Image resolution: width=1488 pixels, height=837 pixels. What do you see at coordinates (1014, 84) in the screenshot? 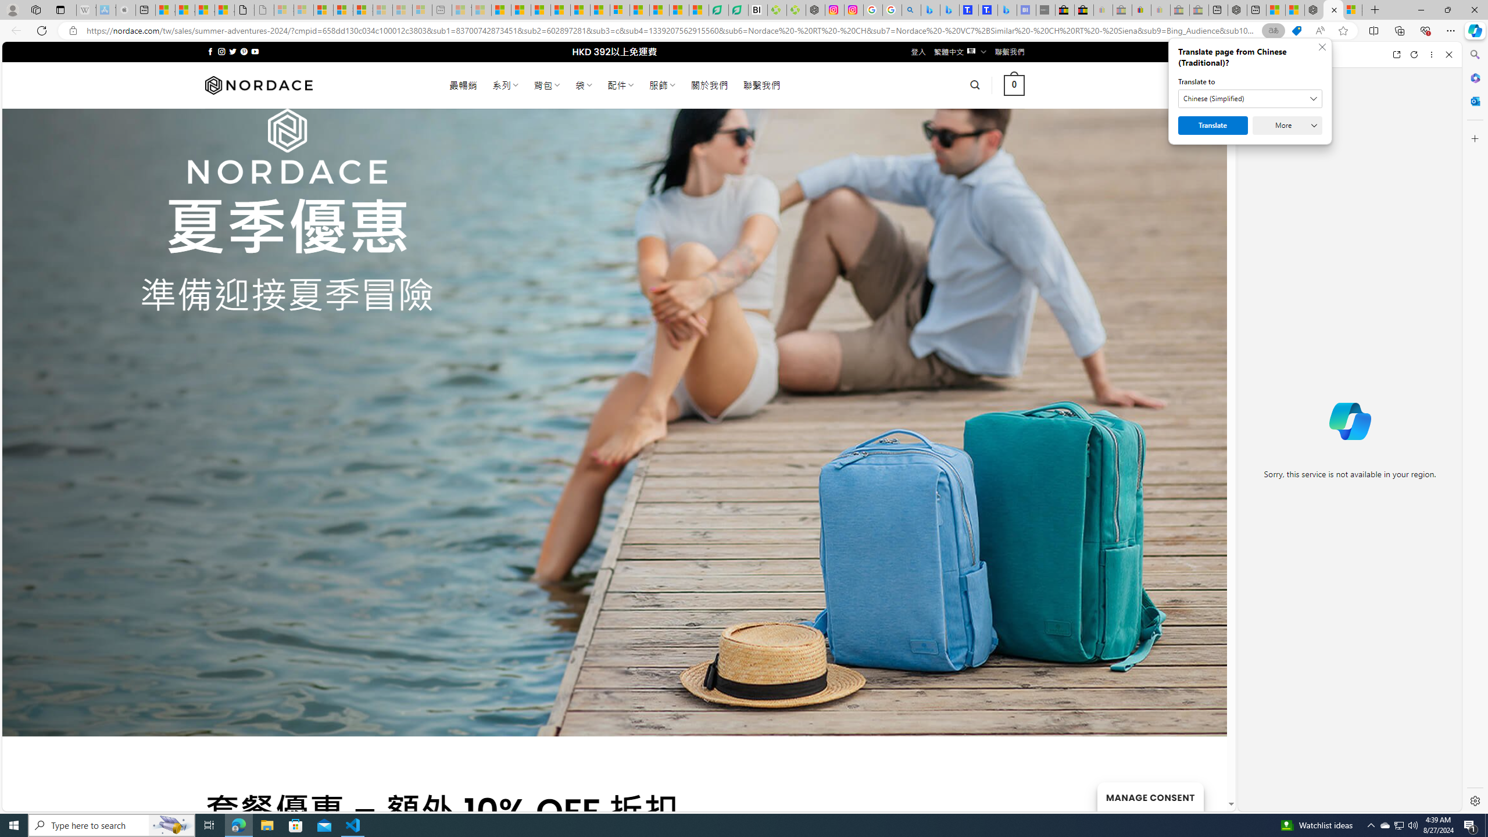
I see `'  0  '` at bounding box center [1014, 84].